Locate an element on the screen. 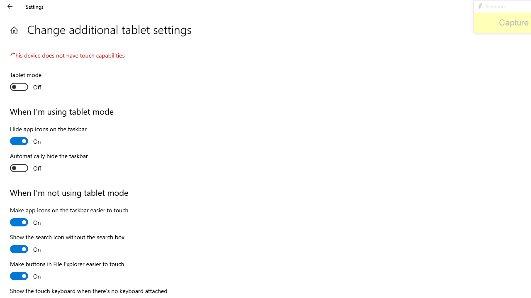 The image size is (531, 298). 'Tablet mode' is located at coordinates (40, 82).